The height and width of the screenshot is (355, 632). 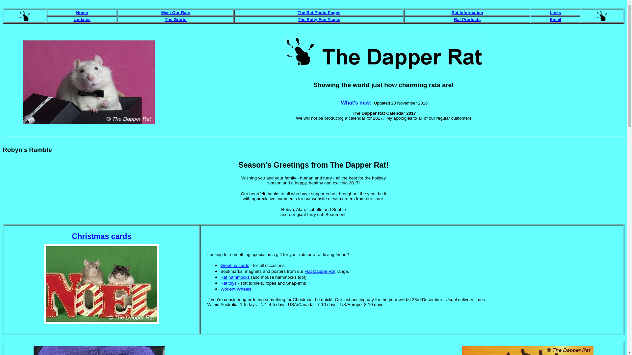 I want to click on 'The Rat Photo Pages', so click(x=319, y=12).